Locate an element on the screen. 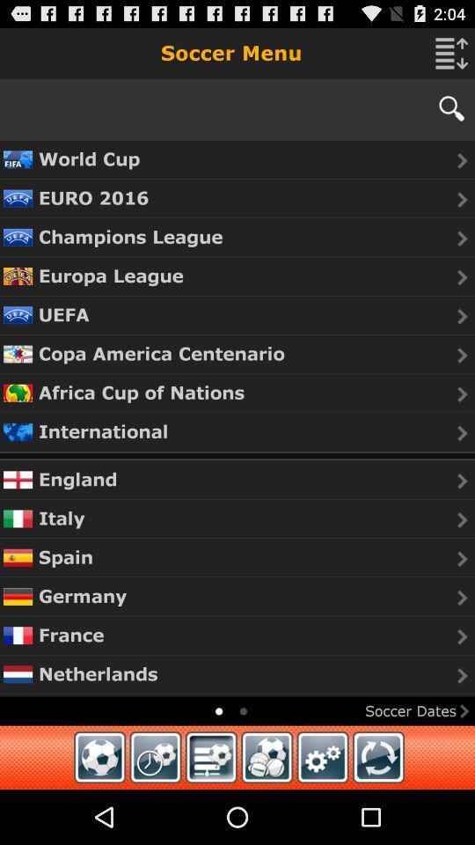 The height and width of the screenshot is (845, 475). the caret right arrow is located at coordinates (463, 519).